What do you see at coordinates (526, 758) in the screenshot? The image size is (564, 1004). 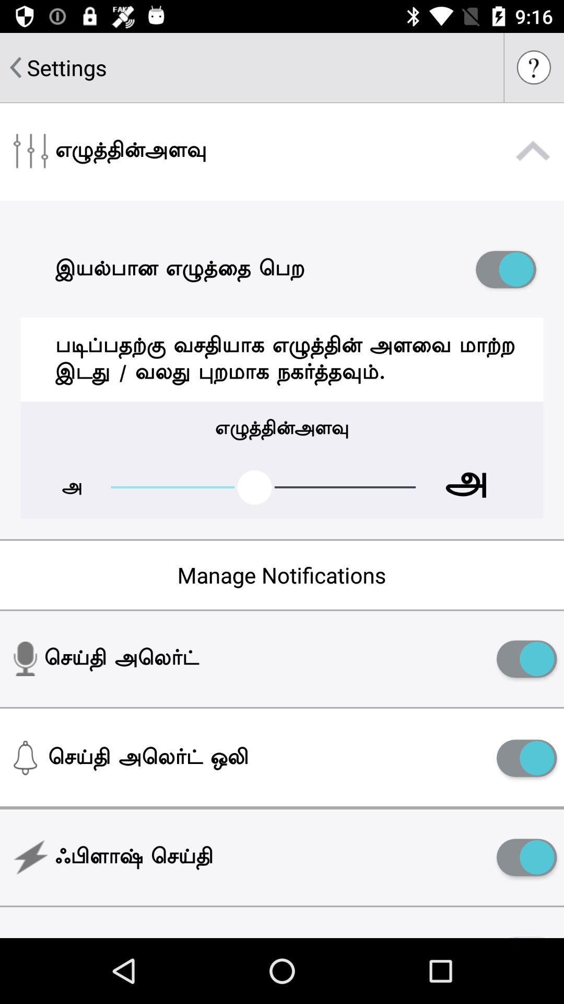 I see `notifictions` at bounding box center [526, 758].